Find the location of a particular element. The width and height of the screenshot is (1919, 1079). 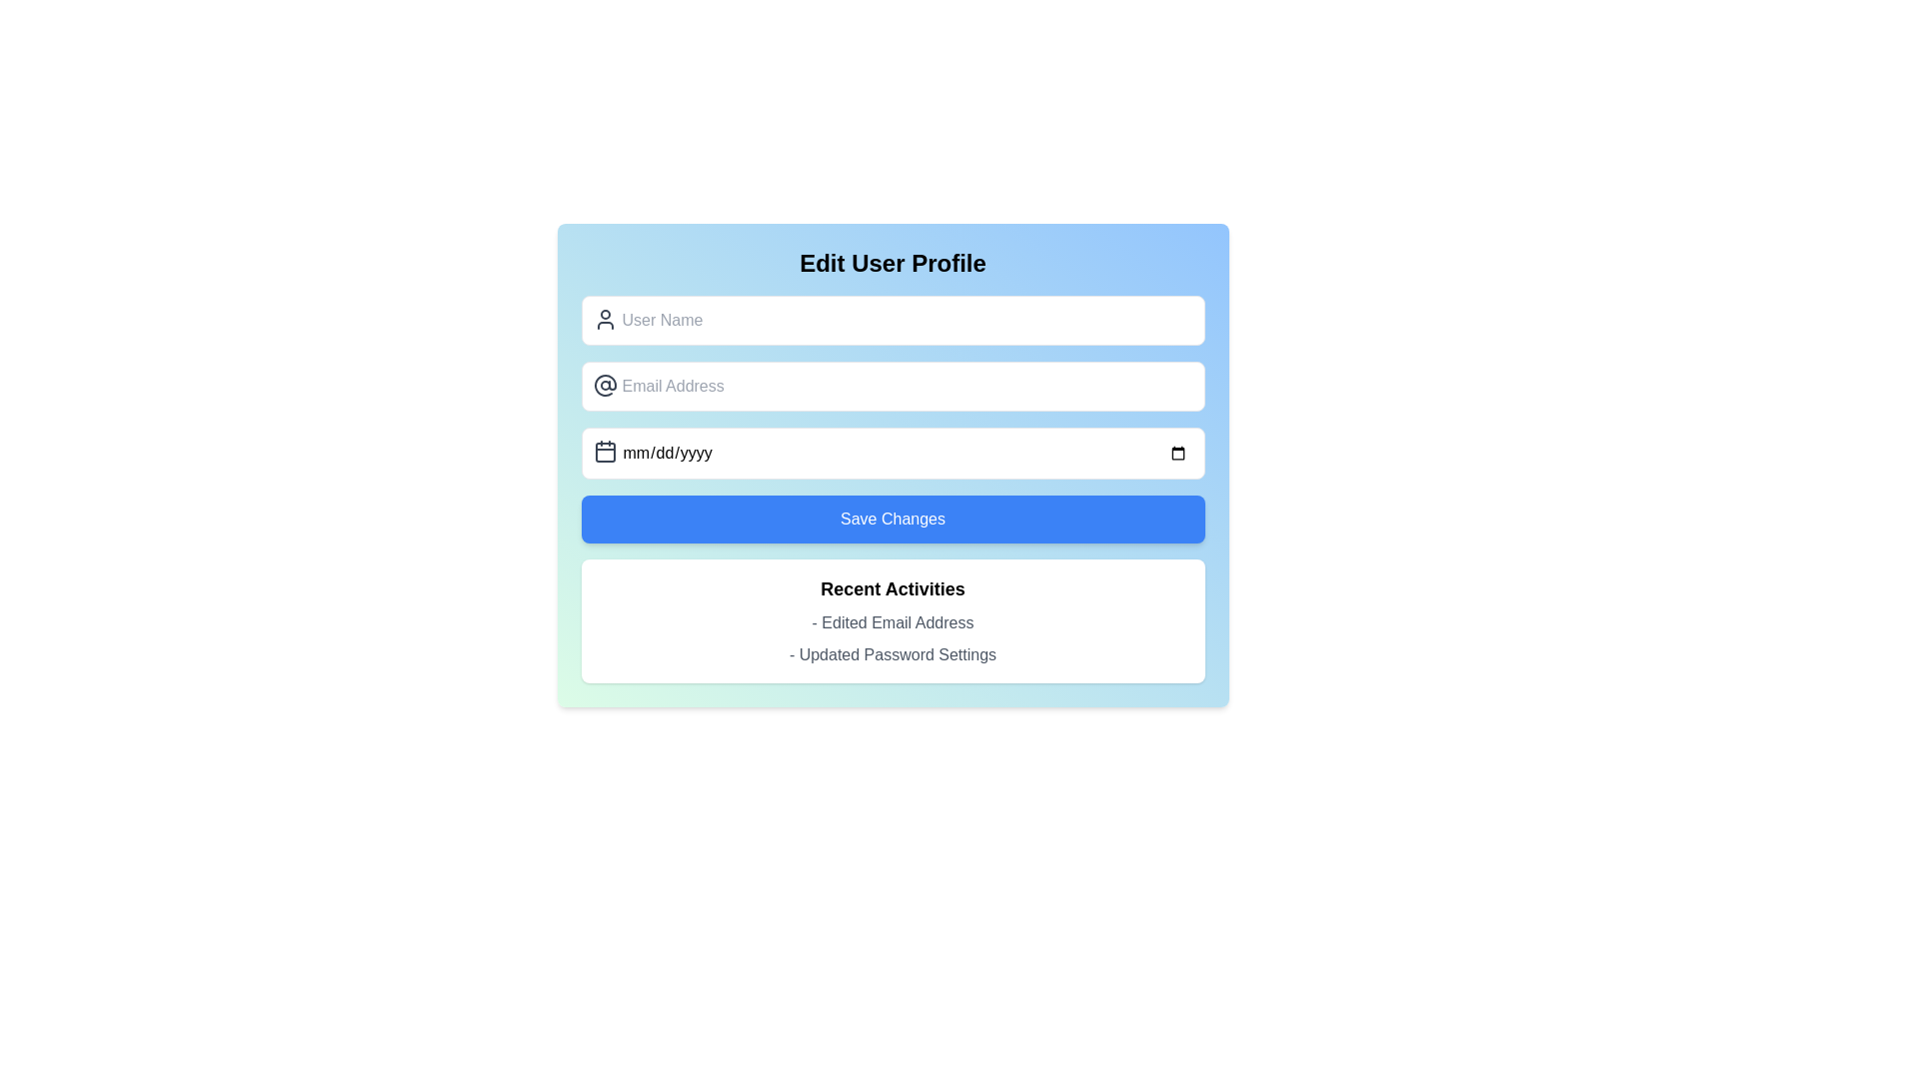

the informational text label indicating that the password settings have been updated, which is located in the 'Recent Activities' section below the '- Edited Email Address' item is located at coordinates (892, 654).